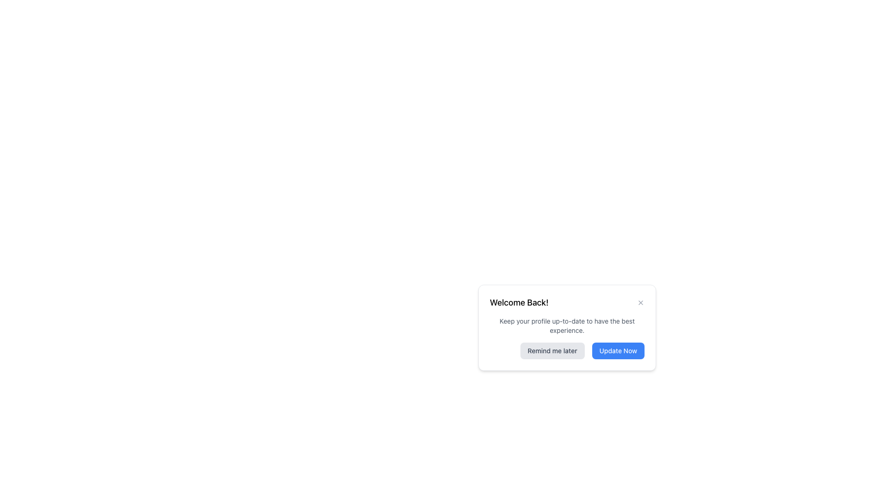 This screenshot has width=889, height=500. What do you see at coordinates (552, 351) in the screenshot?
I see `the leftmost button in the bottom-right corner of the modal dialog to postpone the action` at bounding box center [552, 351].